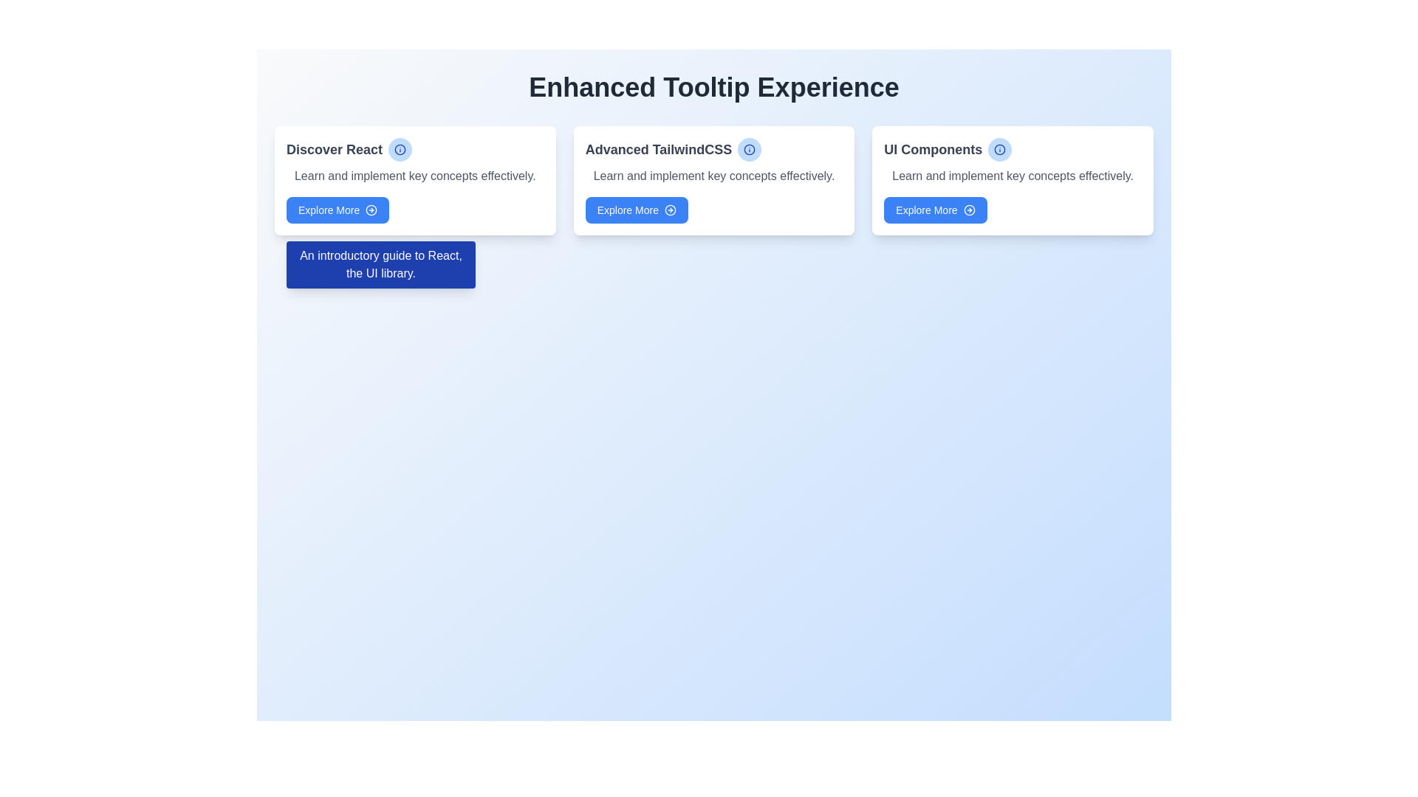 The width and height of the screenshot is (1418, 797). I want to click on the 'Explore More' button, which has a blue background, white text, and an icon with a circle and arrow, located in the second card under 'Advanced TailwindCSS.', so click(637, 210).